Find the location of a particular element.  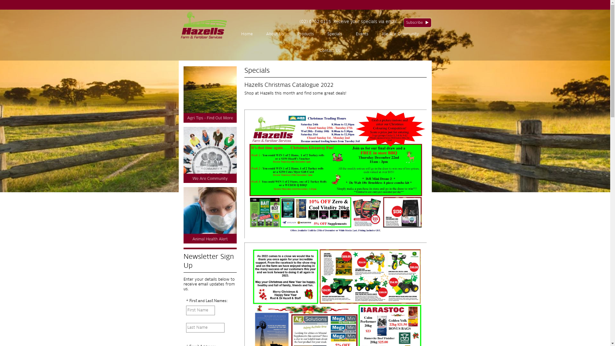

'Specials' is located at coordinates (334, 34).